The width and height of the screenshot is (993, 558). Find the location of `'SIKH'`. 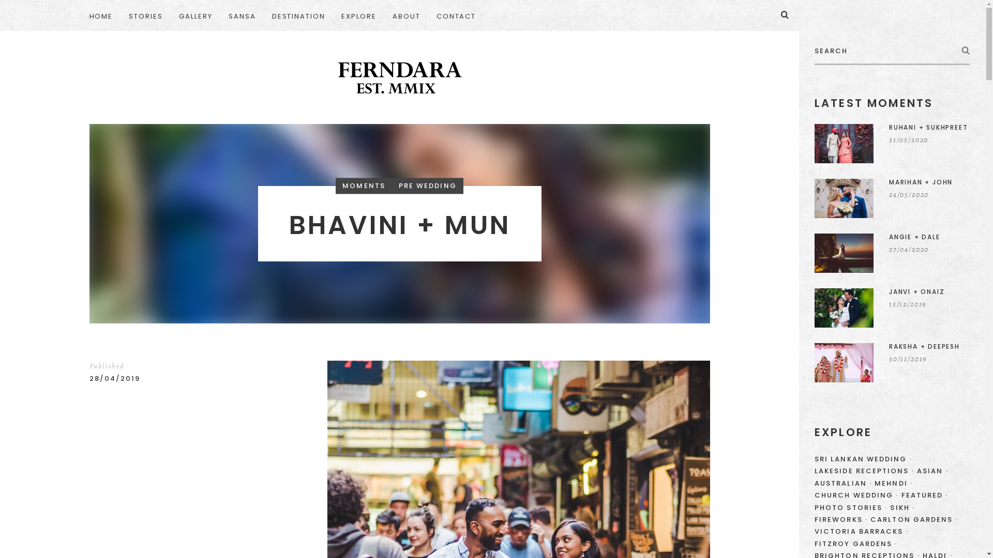

'SIKH' is located at coordinates (890, 507).